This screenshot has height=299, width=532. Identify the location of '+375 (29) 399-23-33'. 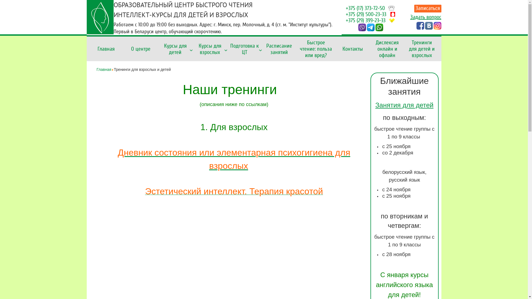
(365, 20).